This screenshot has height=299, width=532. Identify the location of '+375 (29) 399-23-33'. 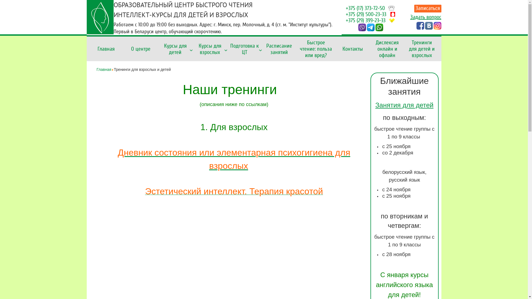
(365, 20).